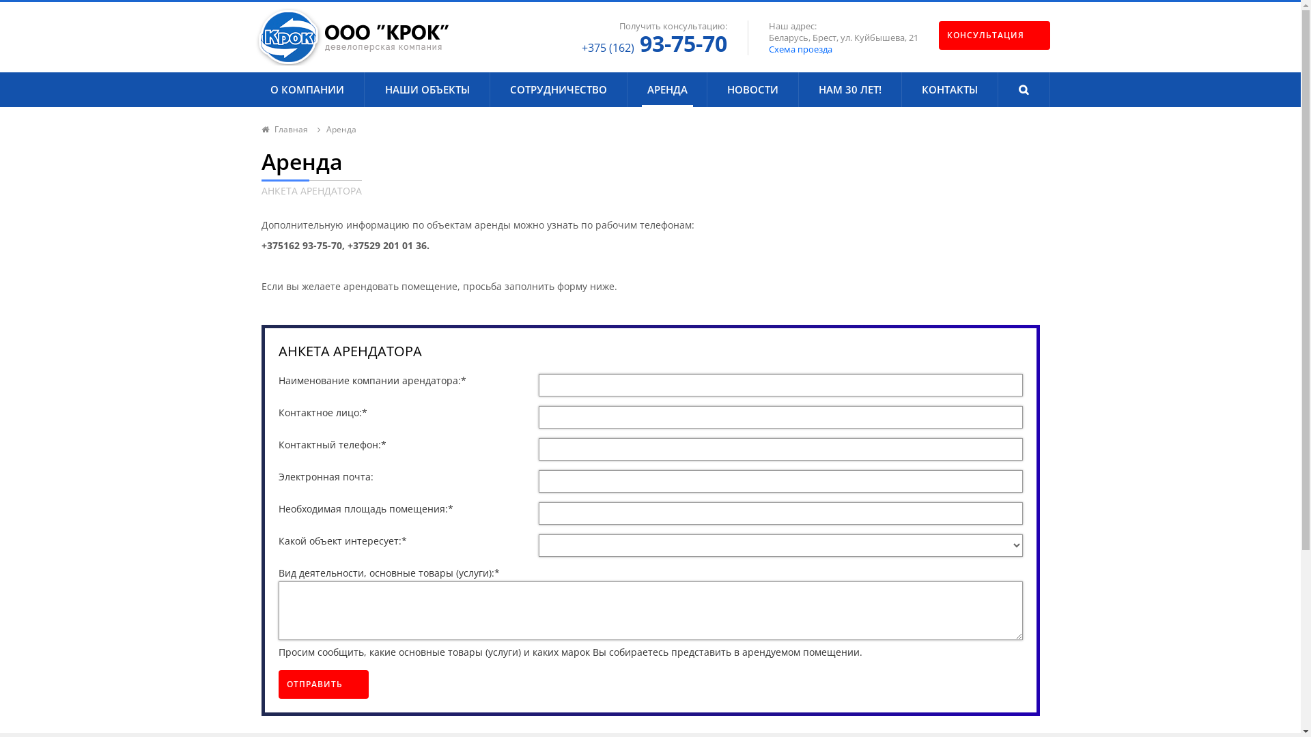 The height and width of the screenshot is (737, 1311). Describe the element at coordinates (653, 42) in the screenshot. I see `'+375 (162) 93-75-70'` at that location.